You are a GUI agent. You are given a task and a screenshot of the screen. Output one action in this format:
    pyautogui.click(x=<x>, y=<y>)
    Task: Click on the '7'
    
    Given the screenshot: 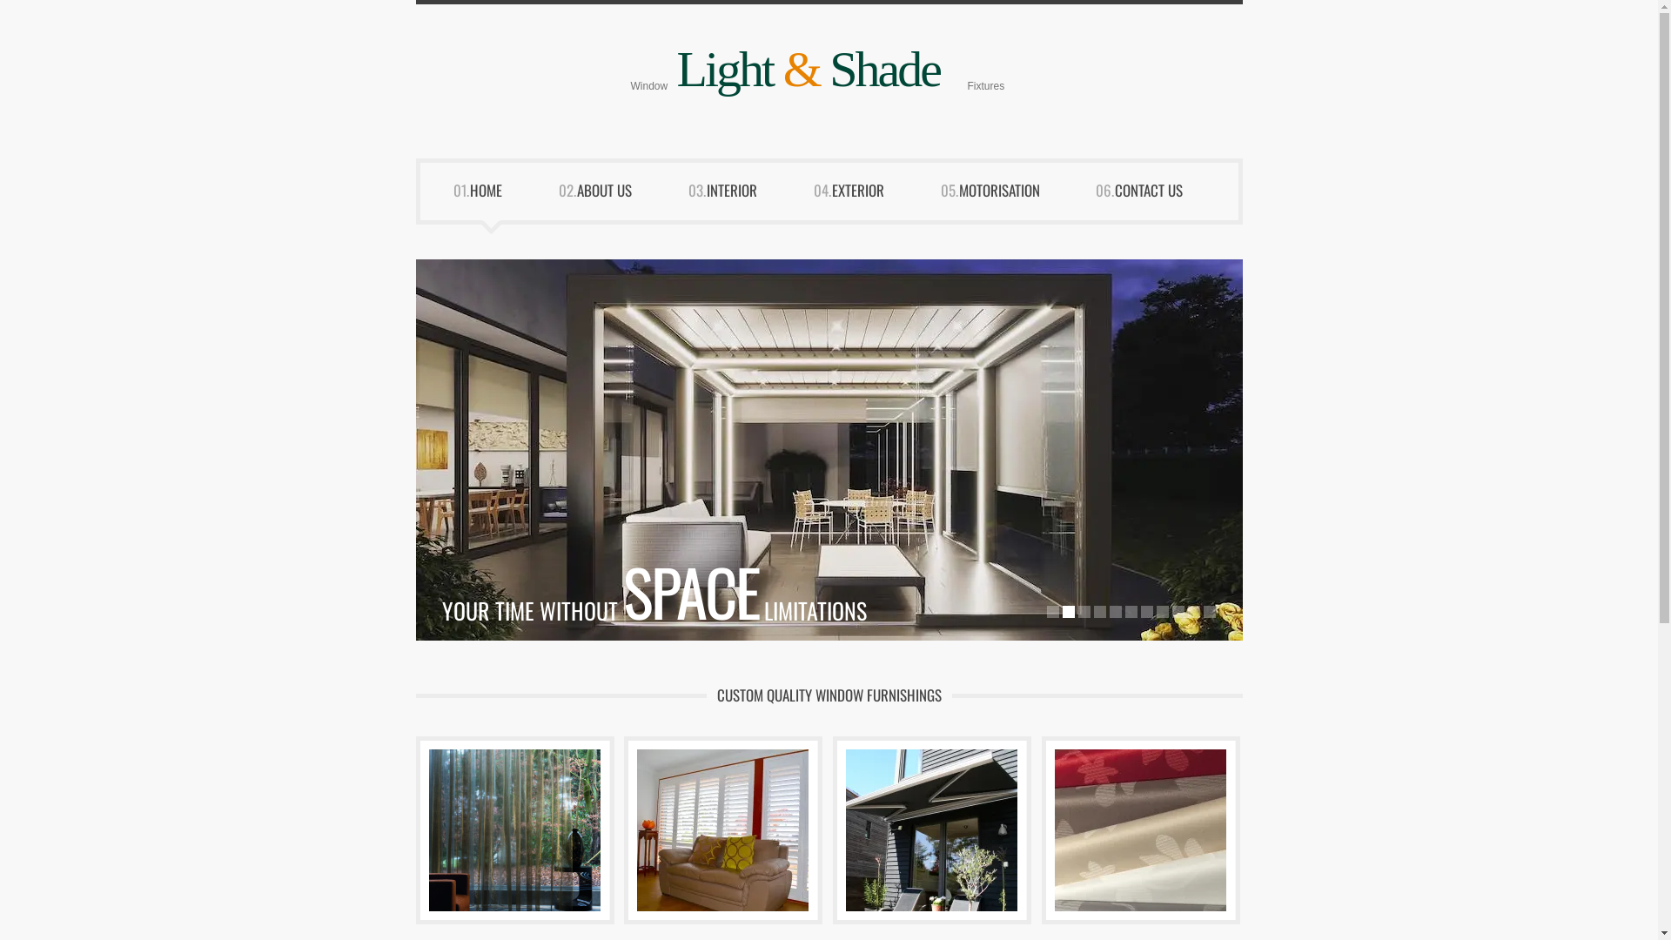 What is the action you would take?
    pyautogui.click(x=1140, y=610)
    